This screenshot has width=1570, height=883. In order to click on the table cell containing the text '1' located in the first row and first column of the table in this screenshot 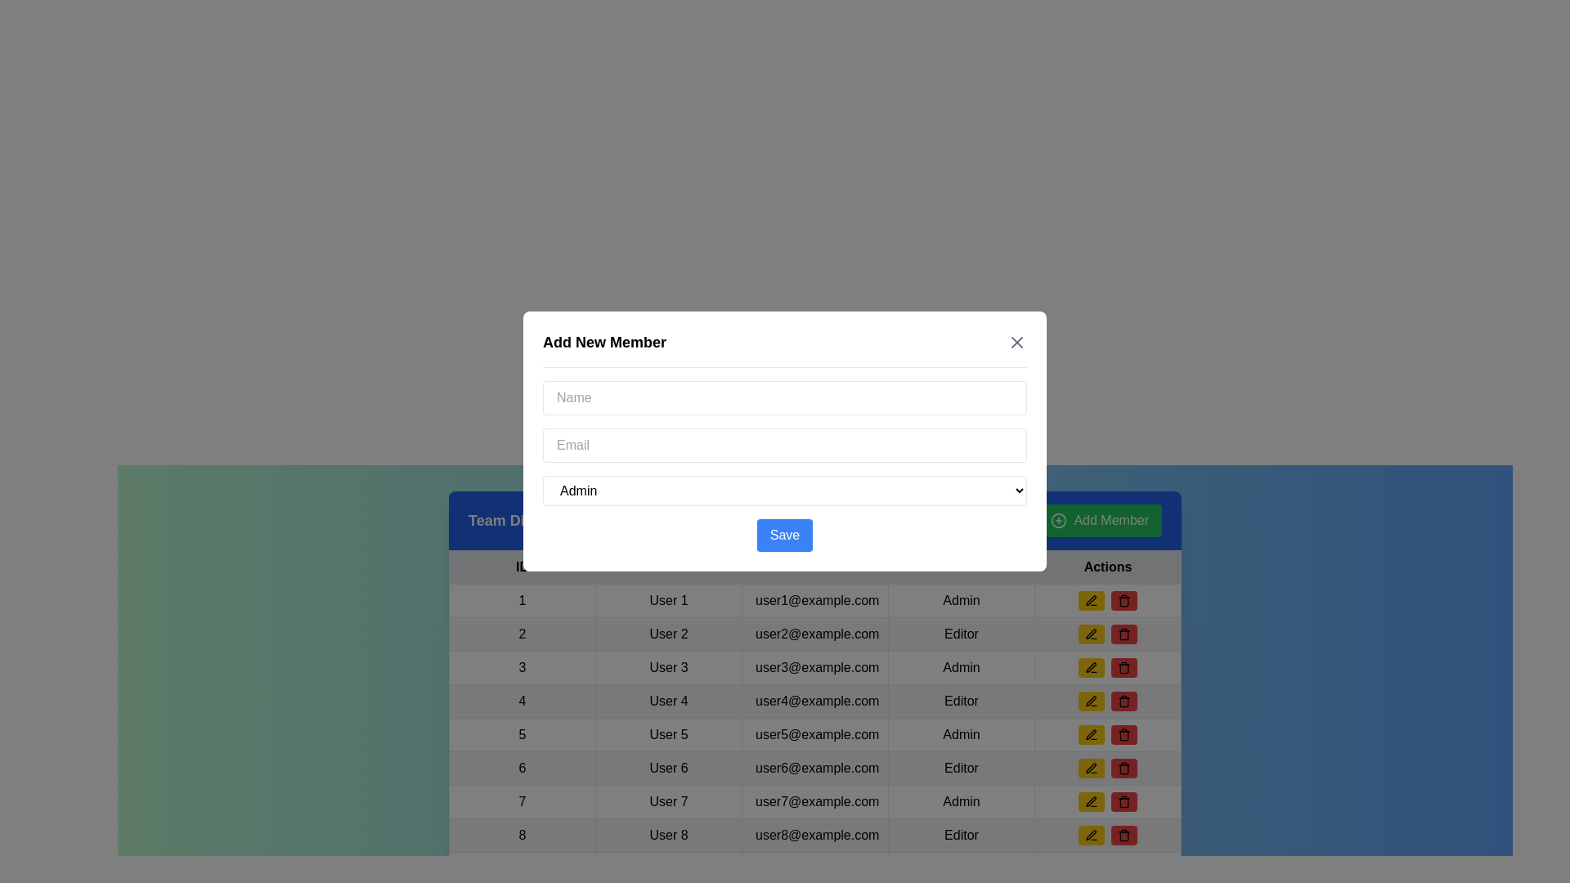, I will do `click(521, 601)`.